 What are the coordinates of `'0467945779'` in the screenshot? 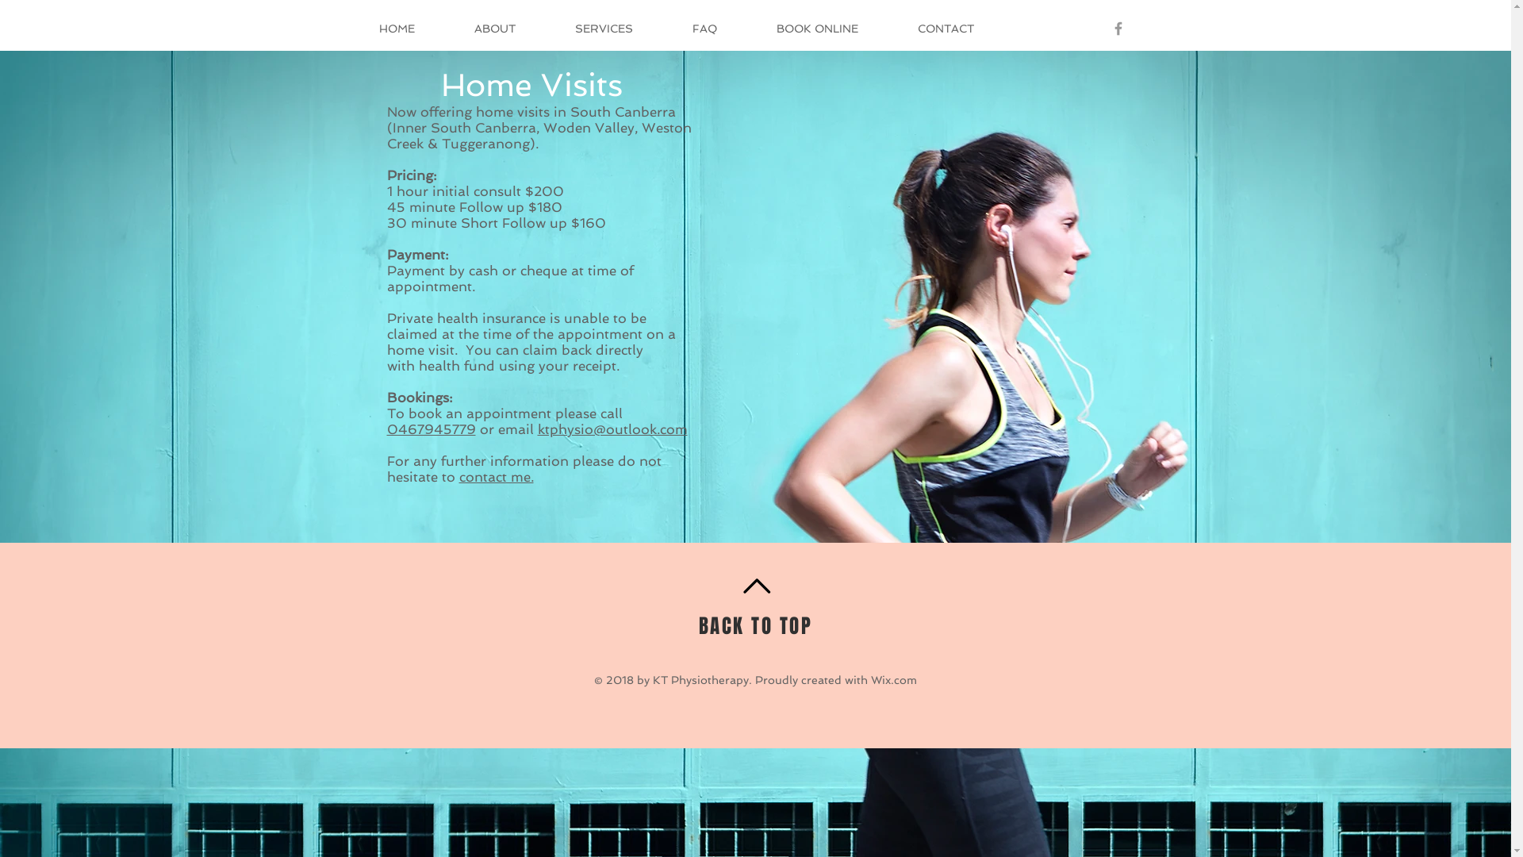 It's located at (431, 428).